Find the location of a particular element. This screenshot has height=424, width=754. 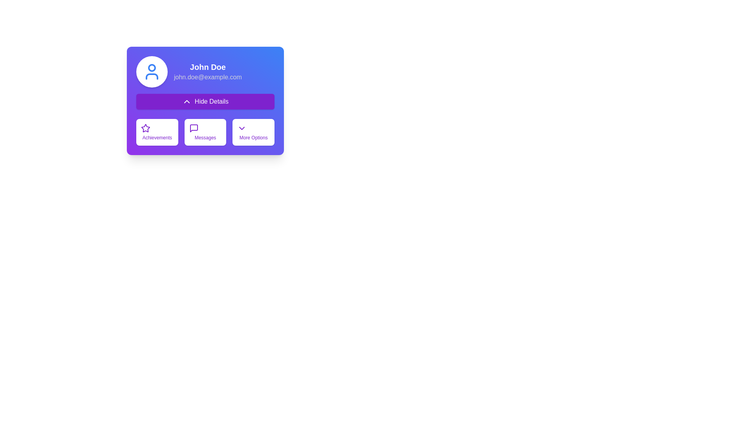

the circular white icon with a blue outline representing a user figure, located to the left of the text details about 'John Doe' and 'john.doe@example.com' in the rounded card interface is located at coordinates (152, 71).